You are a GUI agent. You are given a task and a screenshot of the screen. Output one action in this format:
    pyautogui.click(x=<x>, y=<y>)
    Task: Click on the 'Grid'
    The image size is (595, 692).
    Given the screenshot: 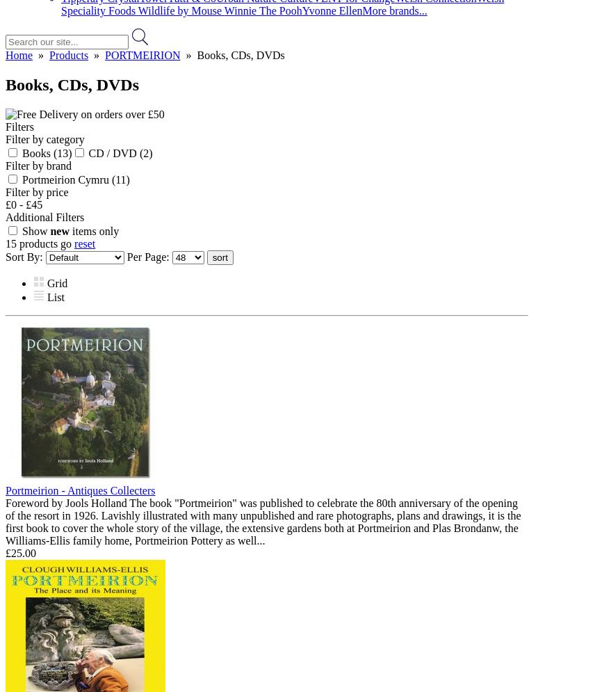 What is the action you would take?
    pyautogui.click(x=56, y=282)
    